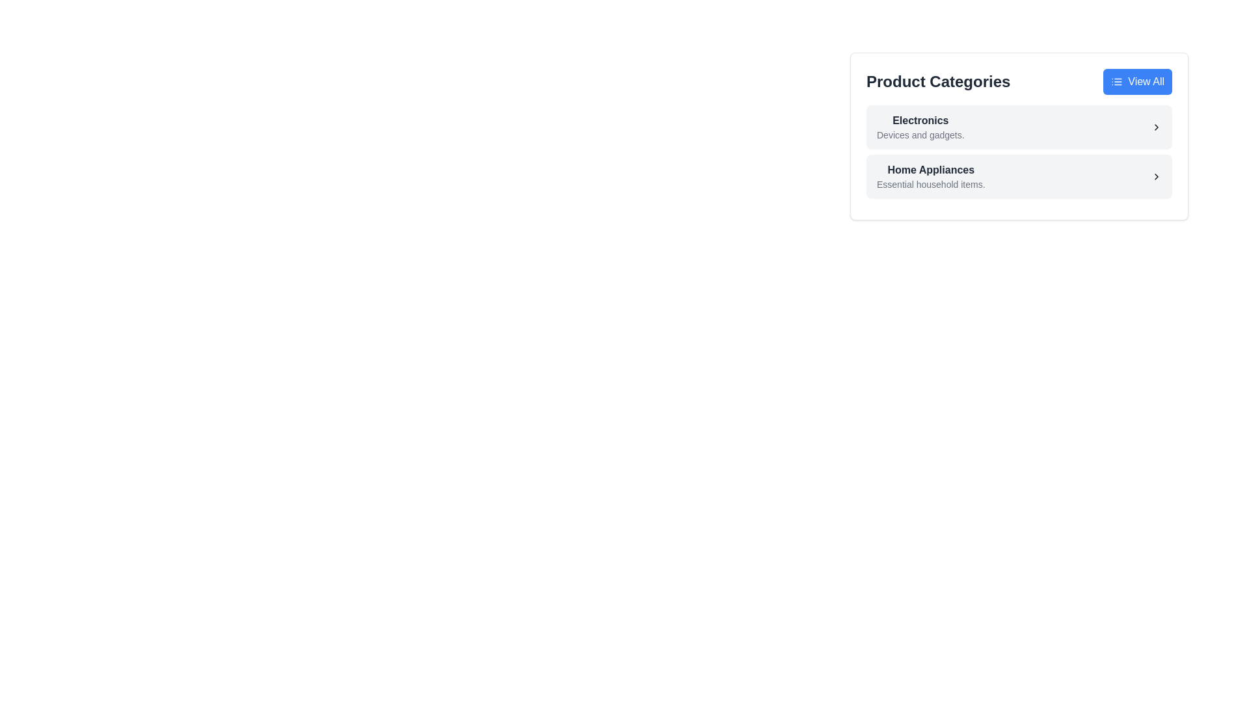  Describe the element at coordinates (1116, 82) in the screenshot. I see `the 'View All' button located in the top-right corner of the 'Product Categories' card, which contains the blue SVG icon shaped like a list representation with three horizontal bars and dots aligned vertically` at that location.